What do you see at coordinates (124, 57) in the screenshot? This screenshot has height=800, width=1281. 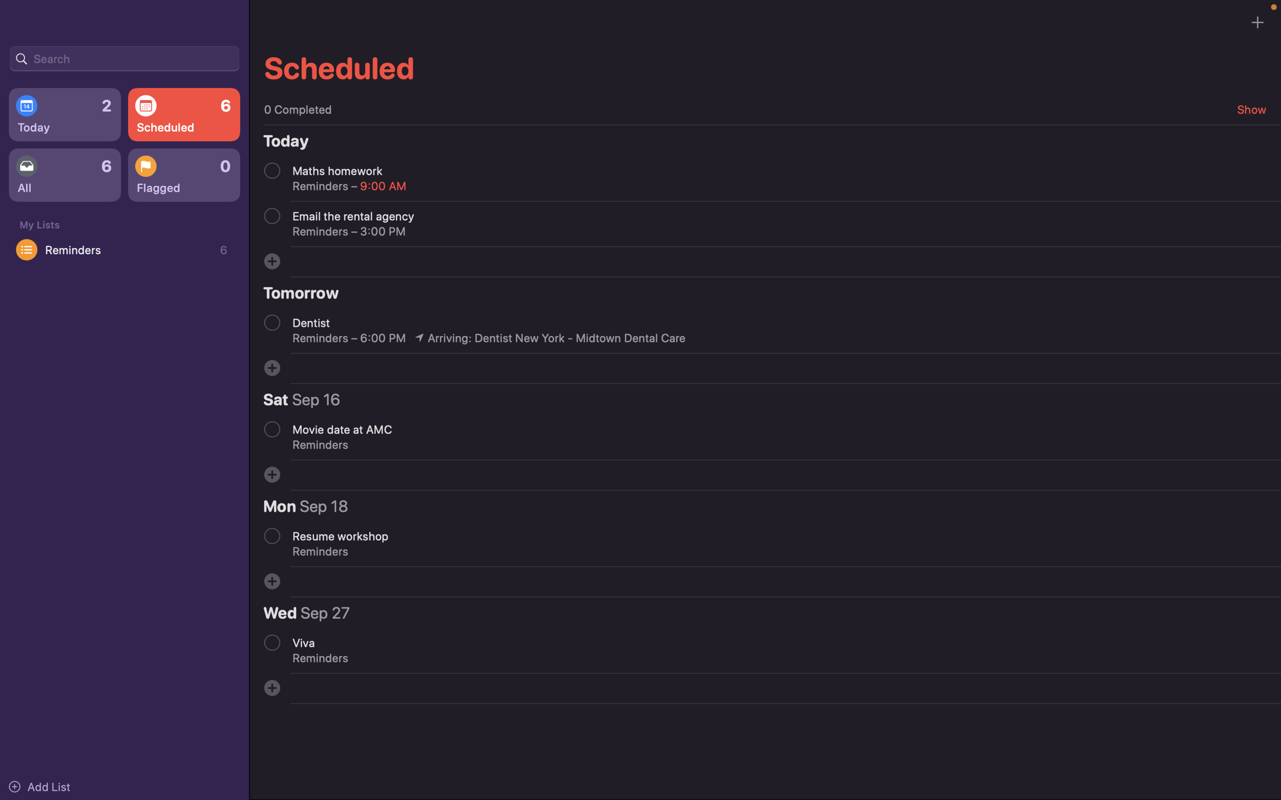 I see `and show all the activities planned for the year 2022` at bounding box center [124, 57].